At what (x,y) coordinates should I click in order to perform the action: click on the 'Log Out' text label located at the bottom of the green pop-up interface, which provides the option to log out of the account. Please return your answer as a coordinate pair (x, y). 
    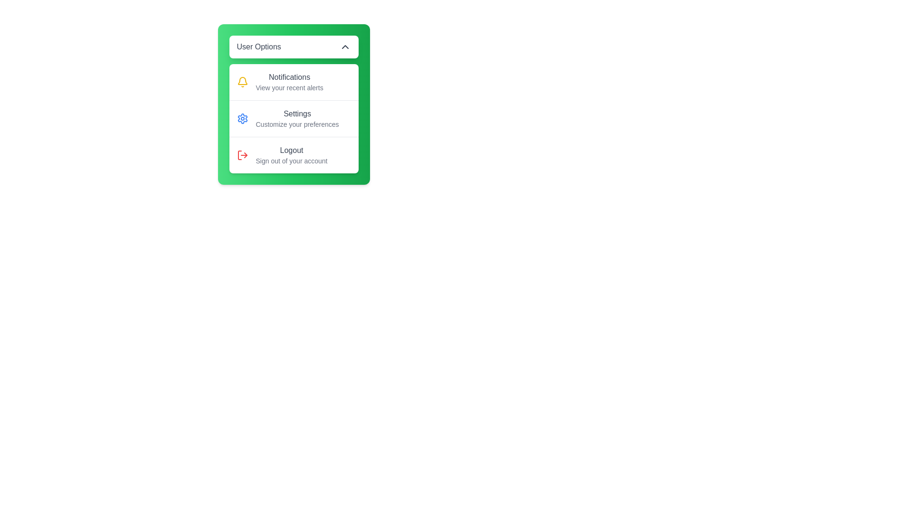
    Looking at the image, I should click on (291, 155).